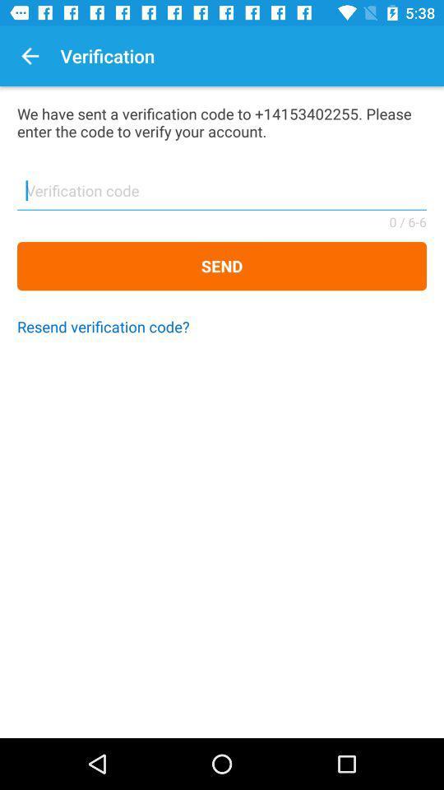 The width and height of the screenshot is (444, 790). Describe the element at coordinates (222, 196) in the screenshot. I see `verification code required` at that location.